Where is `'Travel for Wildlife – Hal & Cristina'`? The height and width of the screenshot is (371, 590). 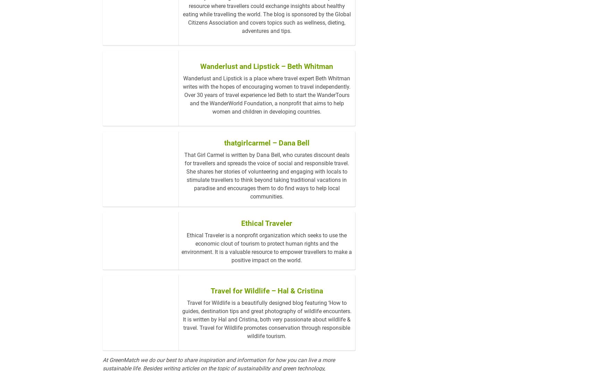 'Travel for Wildlife – Hal & Cristina' is located at coordinates (266, 318).